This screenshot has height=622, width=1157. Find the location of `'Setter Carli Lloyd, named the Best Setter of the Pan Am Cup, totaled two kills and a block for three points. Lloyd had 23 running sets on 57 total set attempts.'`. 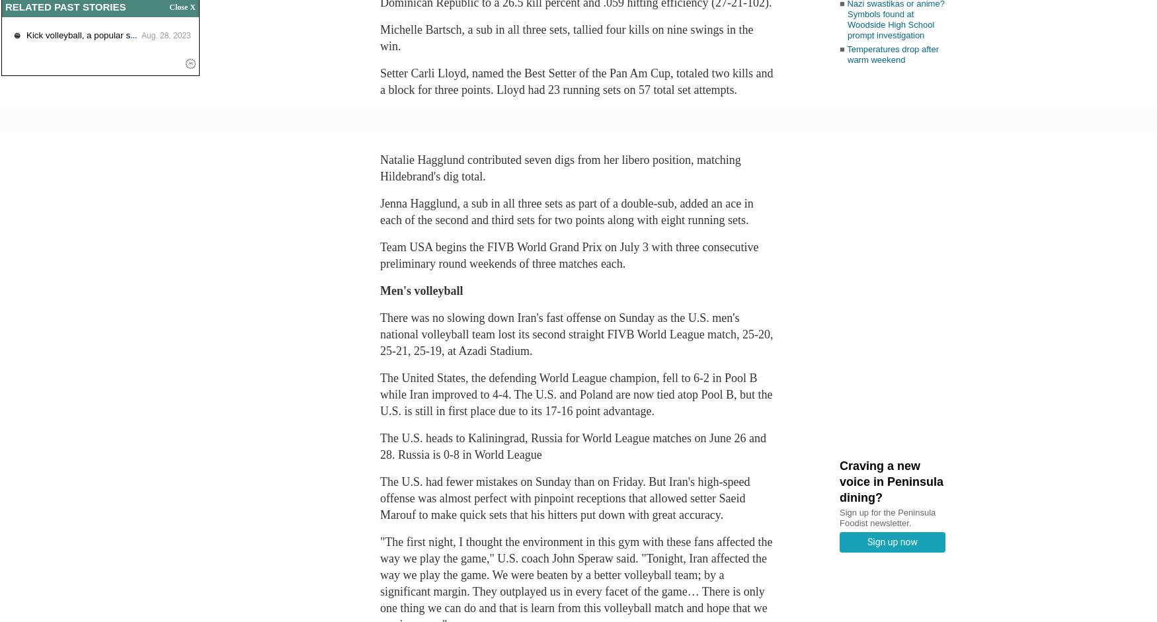

'Setter Carli Lloyd, named the Best Setter of the Pan Am Cup, totaled two kills and a block for three points. Lloyd had 23 running sets on 57 total set attempts.' is located at coordinates (577, 81).